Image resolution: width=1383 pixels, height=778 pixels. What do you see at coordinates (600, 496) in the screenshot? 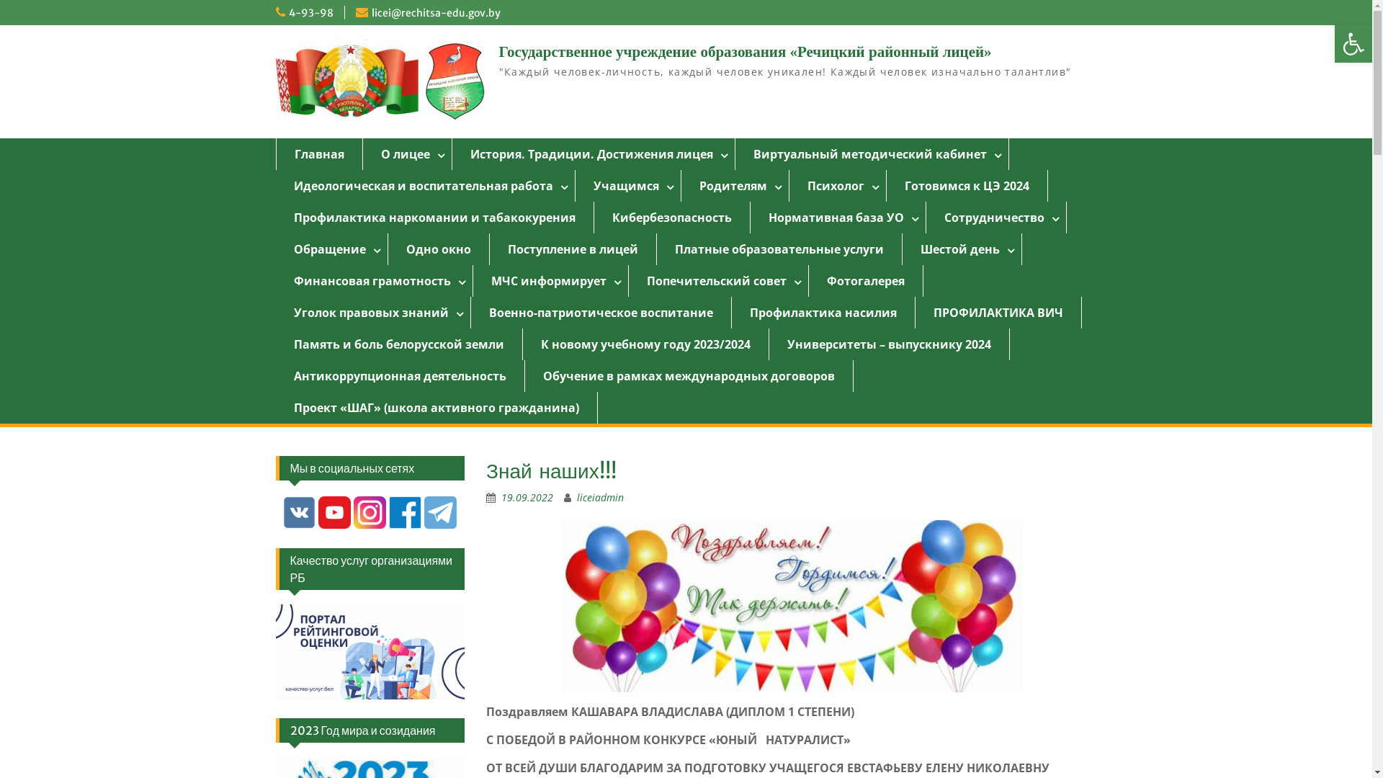
I see `'liceiadmin'` at bounding box center [600, 496].